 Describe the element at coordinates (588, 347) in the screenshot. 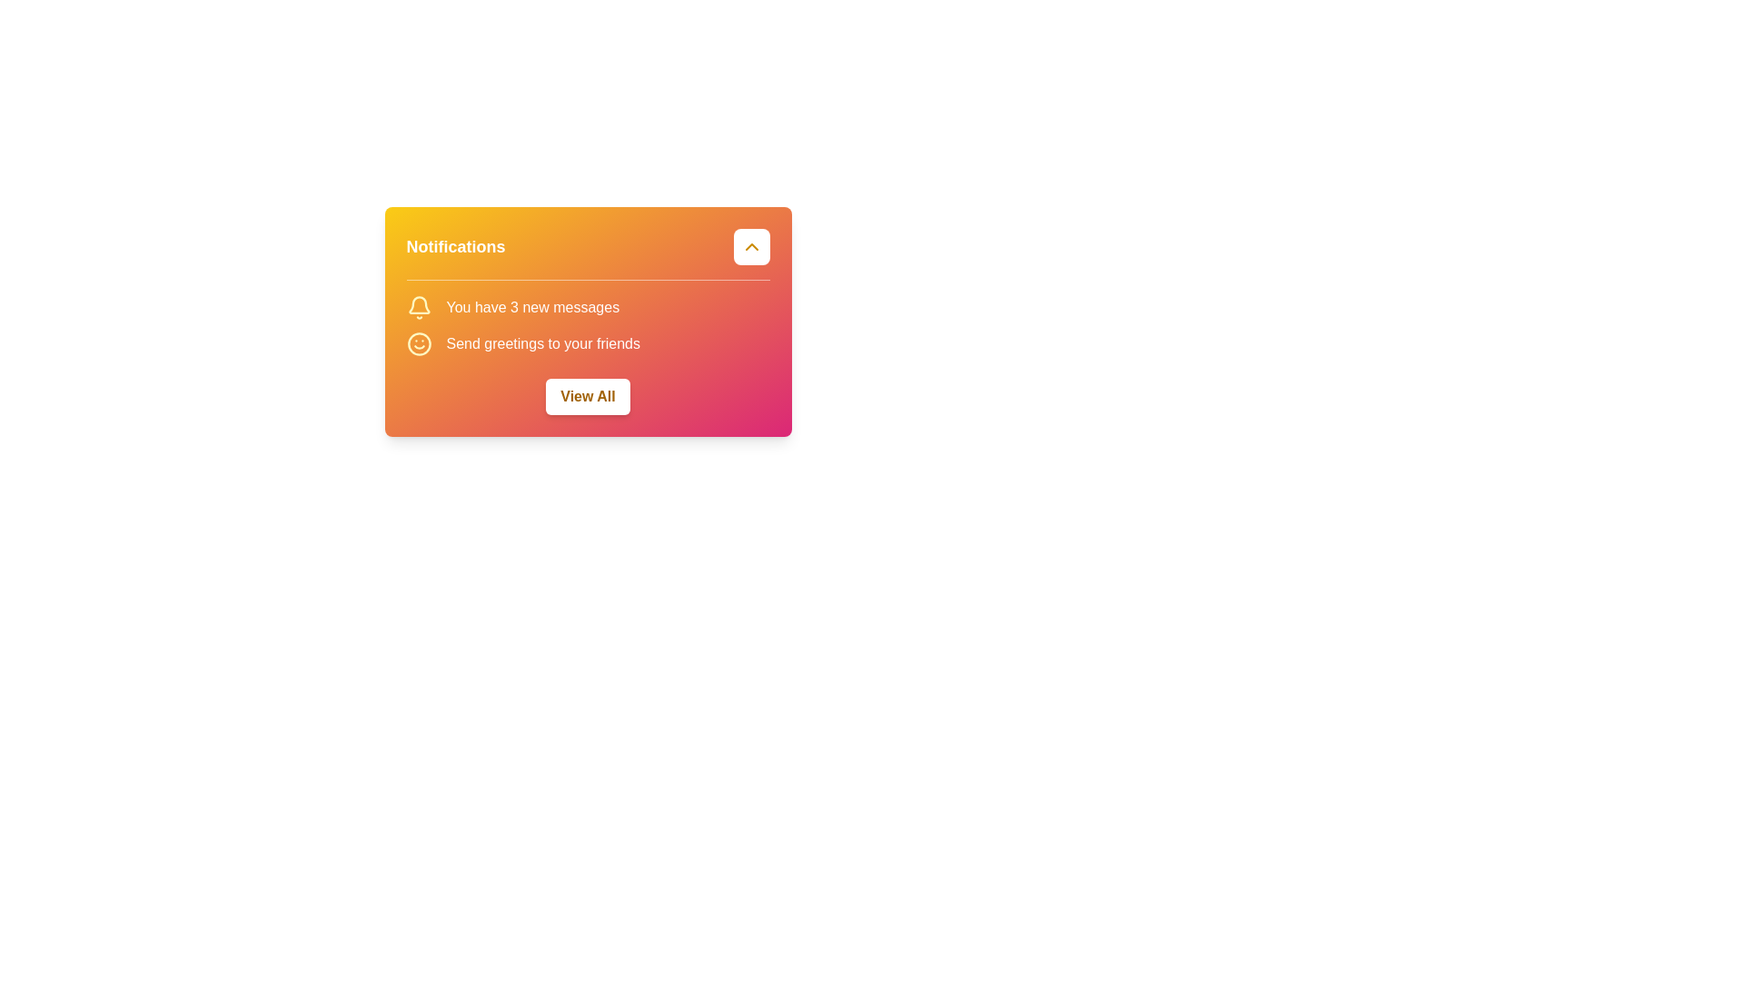

I see `the Informational panel containing notifications about new messages and greetings, located centrally under the title 'Notifications'` at that location.